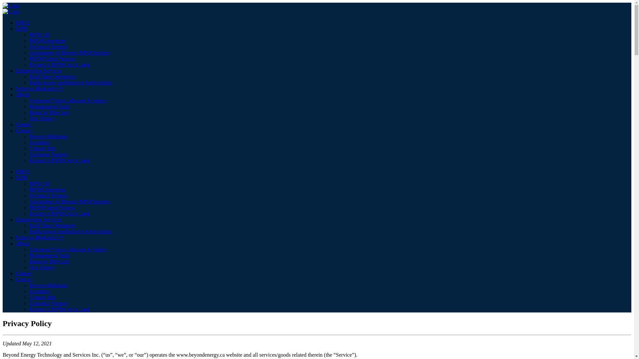 This screenshot has width=639, height=359. What do you see at coordinates (42, 297) in the screenshot?
I see `'Contact Info'` at bounding box center [42, 297].